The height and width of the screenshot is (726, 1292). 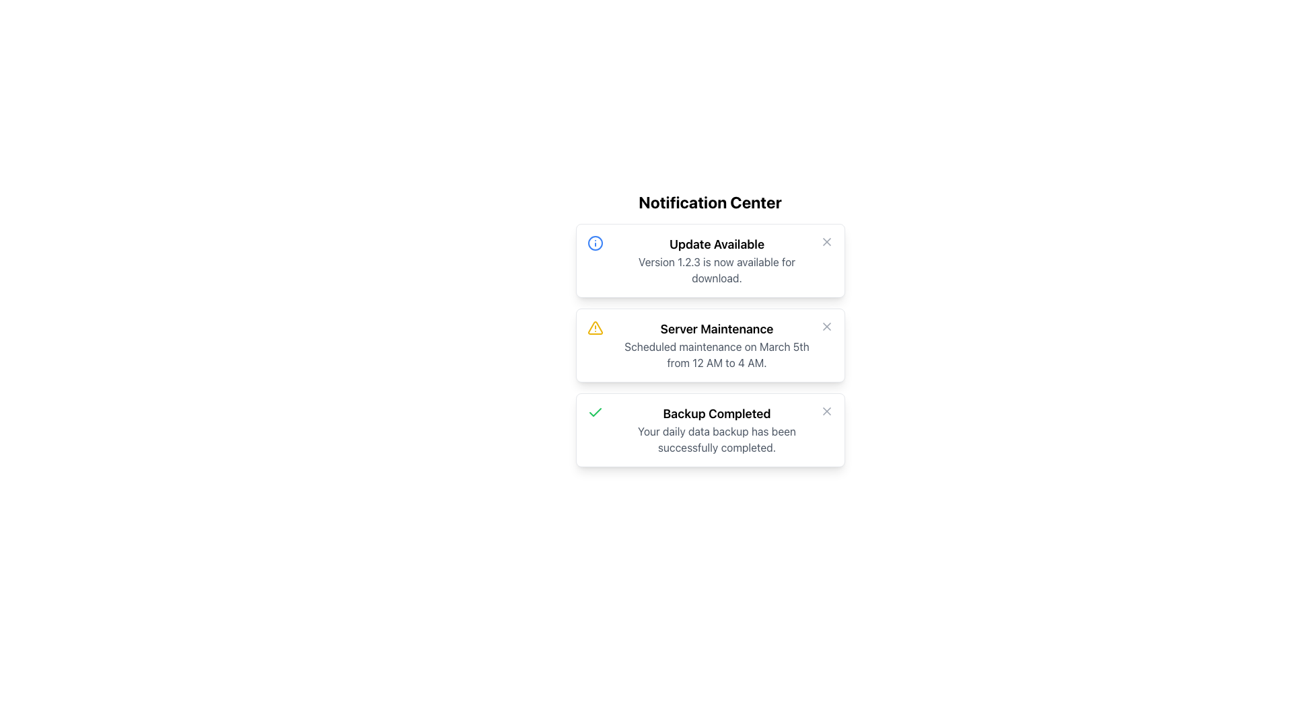 What do you see at coordinates (594, 411) in the screenshot?
I see `visual confirmation indicator icon that symbolizes the successful completion of a process, specifically referenced by the text 'Backup Completed', located in the third card of a vertical stack of notification cards` at bounding box center [594, 411].